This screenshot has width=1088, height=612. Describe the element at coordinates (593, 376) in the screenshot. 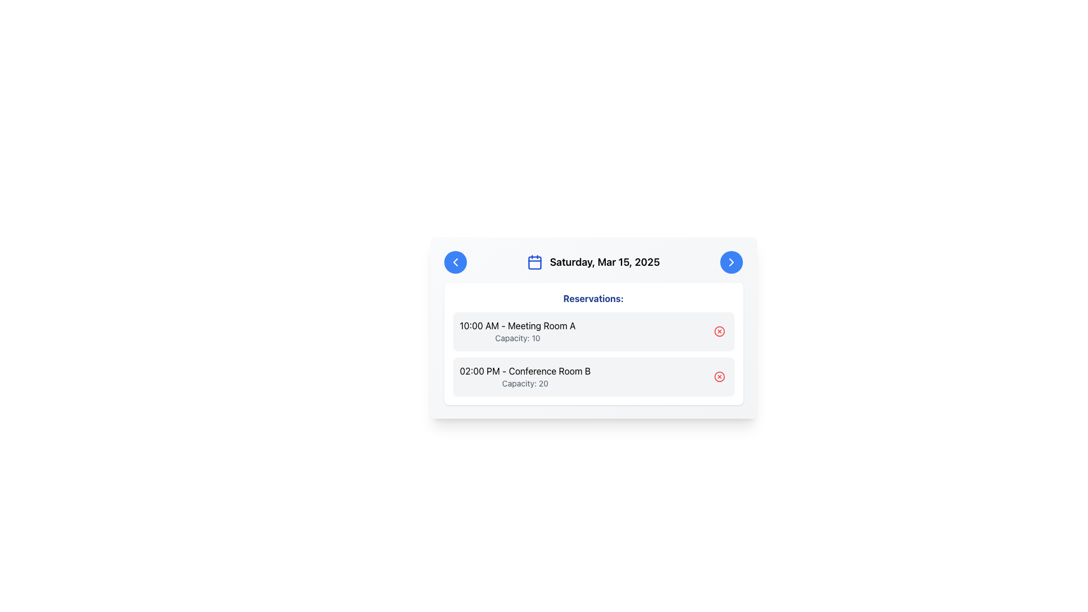

I see `the second list item in the Reservations section, which contains the text '02:00 PM - Conference Room B' and a red delete button with an 'X' icon` at that location.